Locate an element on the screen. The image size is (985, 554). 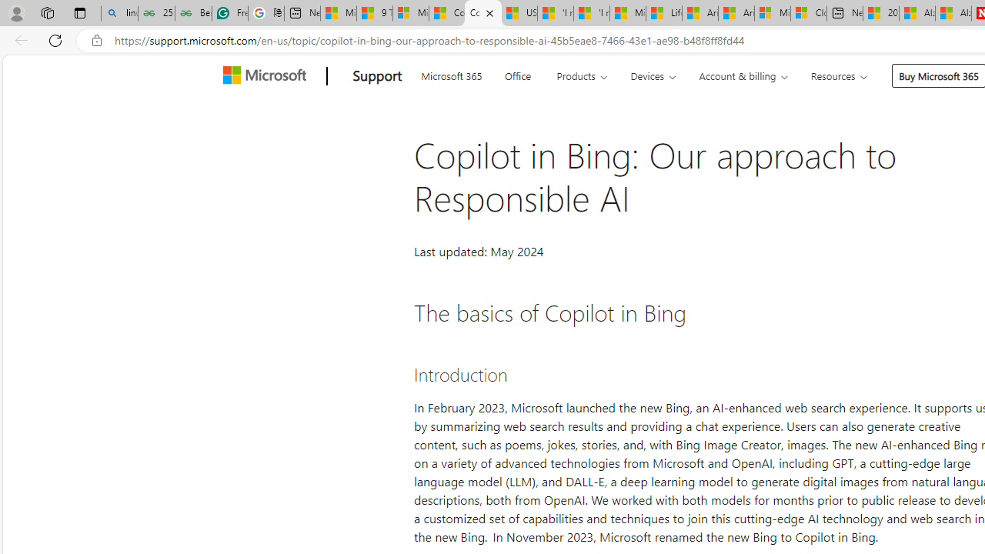
'Support' is located at coordinates (377, 76).